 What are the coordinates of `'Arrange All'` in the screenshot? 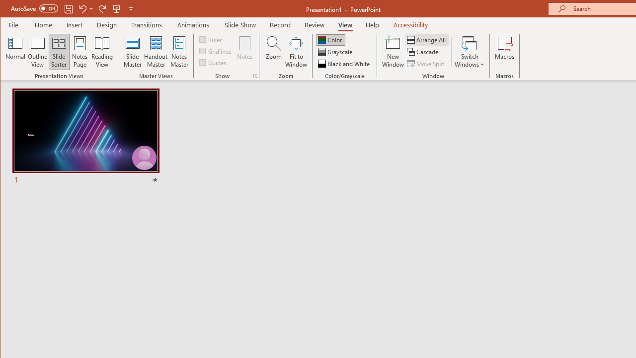 It's located at (427, 39).